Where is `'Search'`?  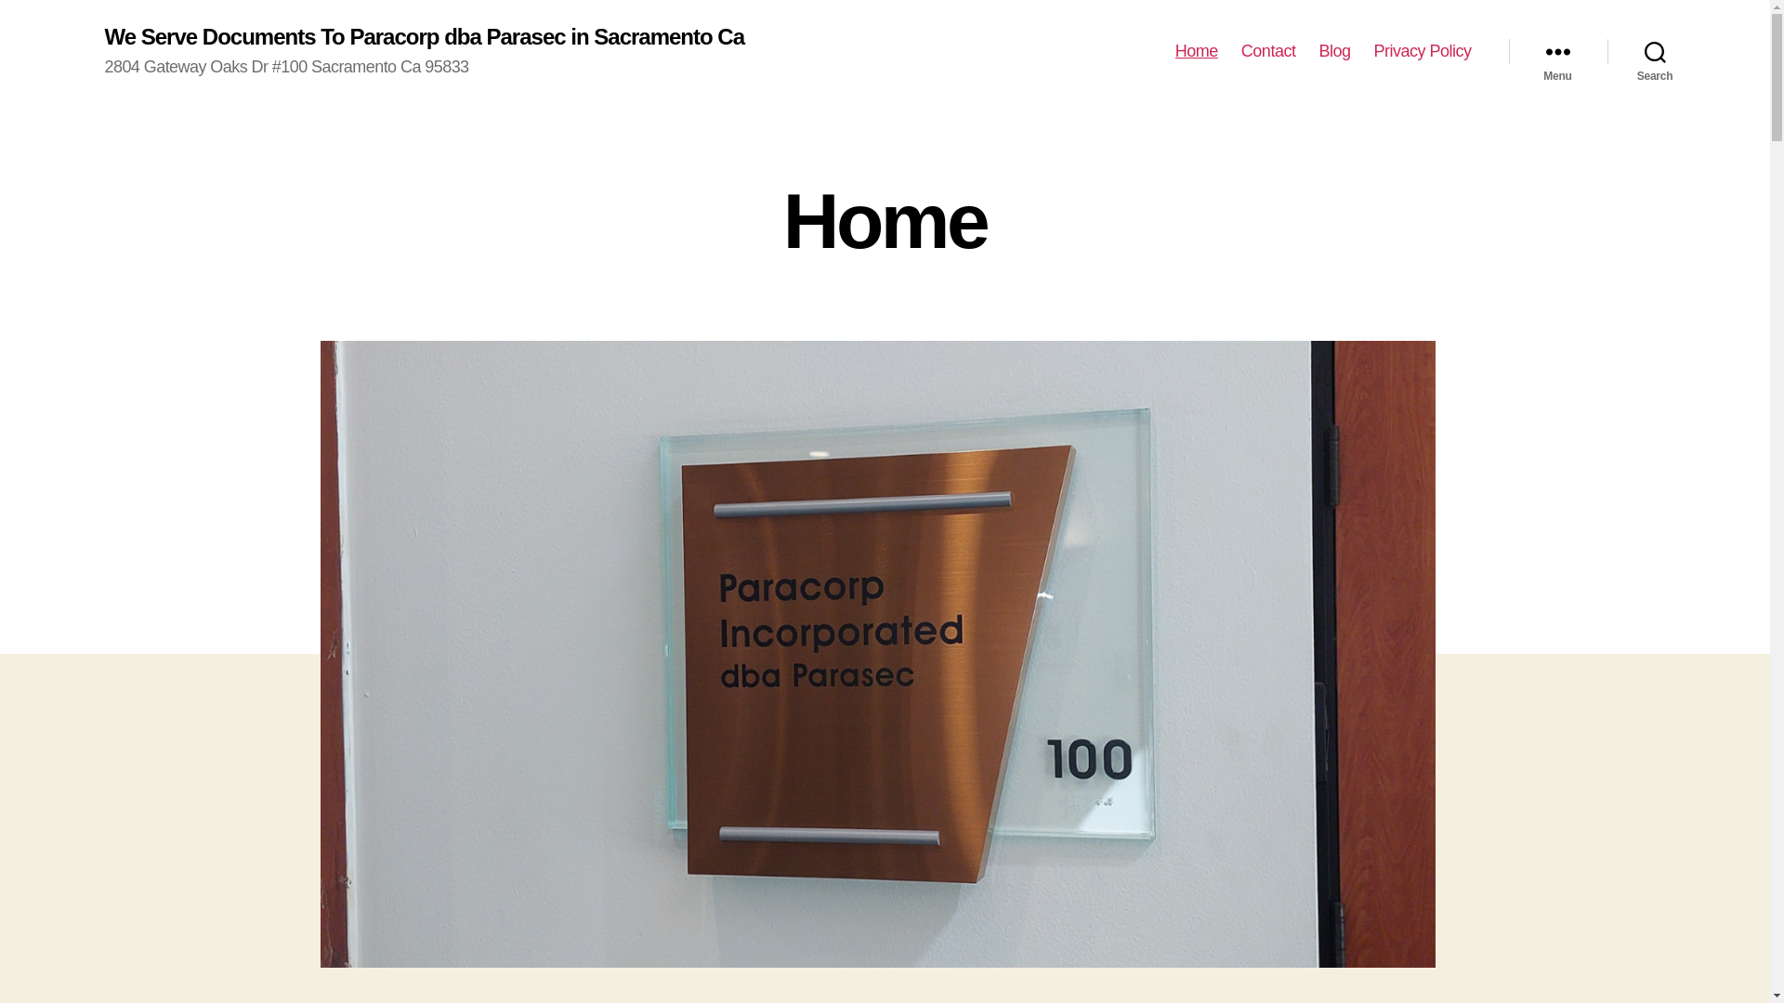 'Search' is located at coordinates (1655, 51).